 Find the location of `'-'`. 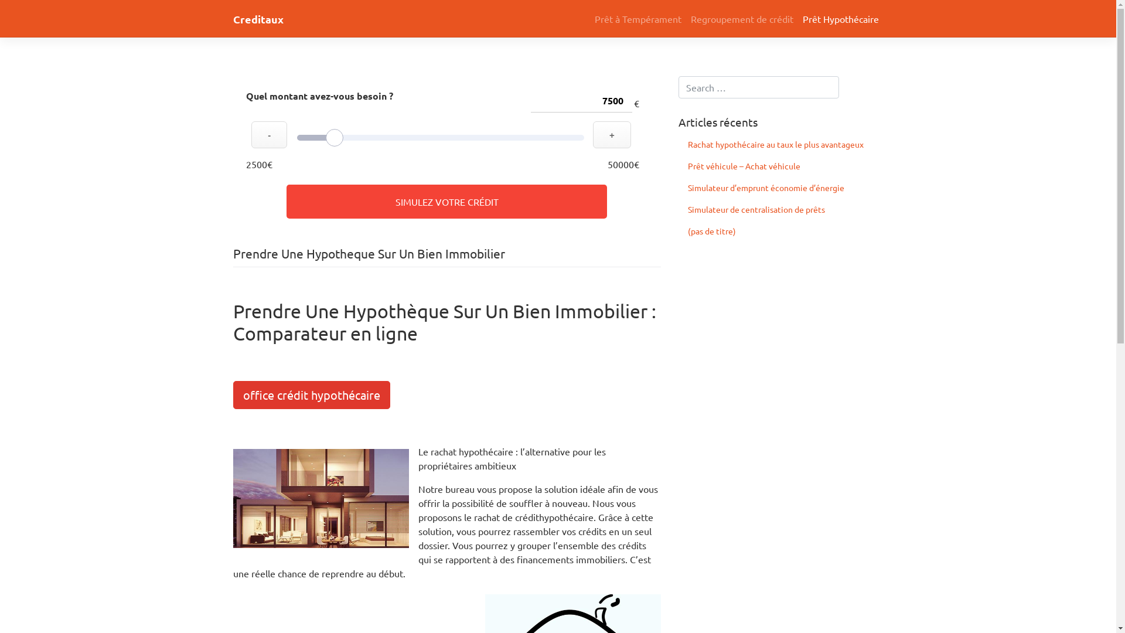

'-' is located at coordinates (268, 134).